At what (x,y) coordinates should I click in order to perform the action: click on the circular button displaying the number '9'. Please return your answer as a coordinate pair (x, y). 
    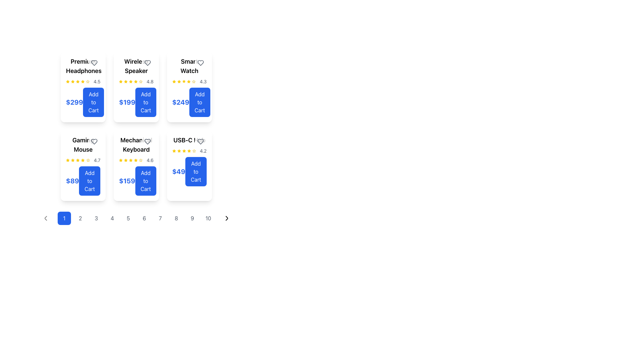
    Looking at the image, I should click on (192, 218).